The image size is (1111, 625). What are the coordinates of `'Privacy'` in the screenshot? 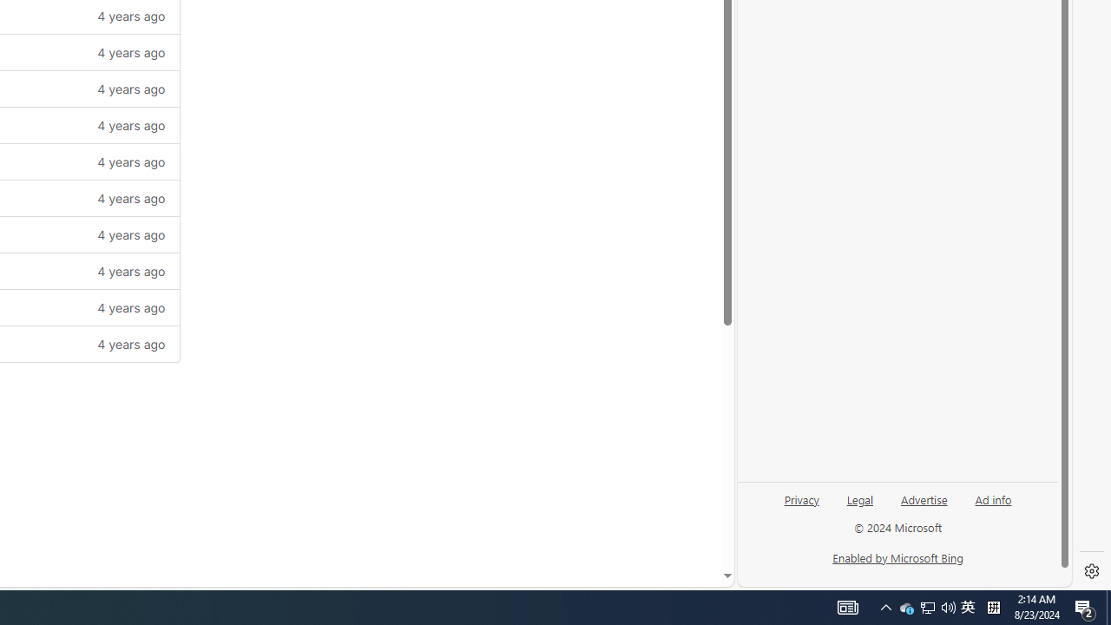 It's located at (800, 506).